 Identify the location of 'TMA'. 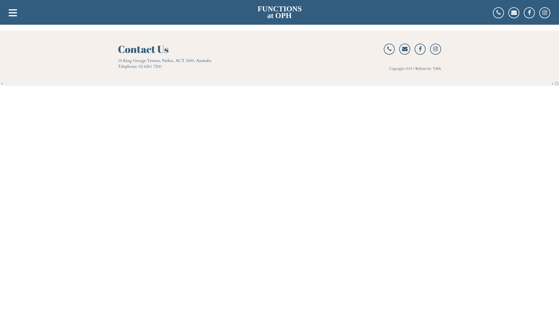
(437, 68).